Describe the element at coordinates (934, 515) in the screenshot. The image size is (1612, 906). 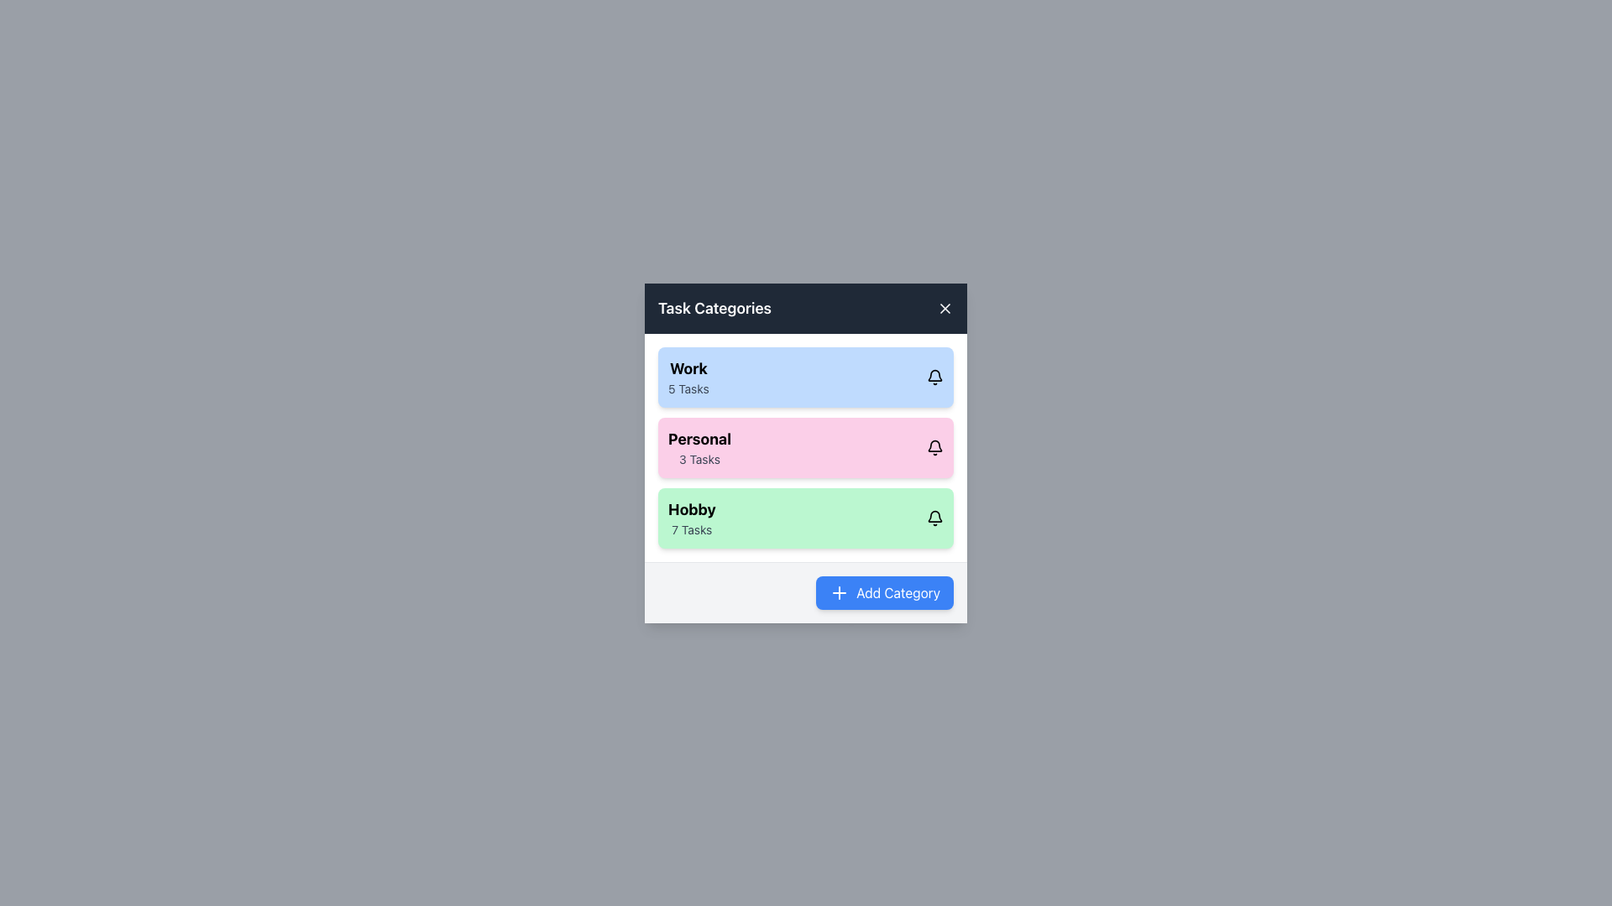
I see `the bottom arc segment of the notification bell icon indicating notifications for the 'Hobby' category located in the bottom right of the 'Hobby' category card` at that location.